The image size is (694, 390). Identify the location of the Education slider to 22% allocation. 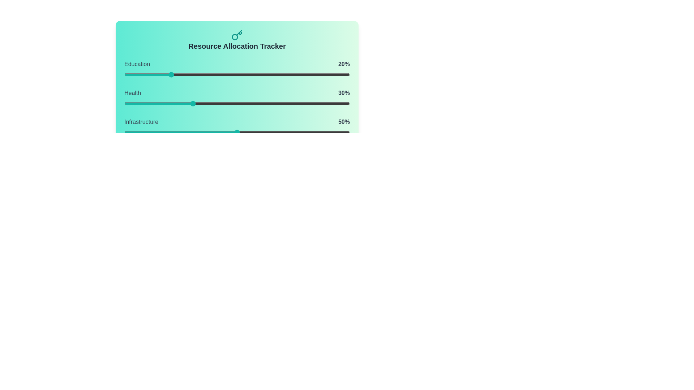
(174, 75).